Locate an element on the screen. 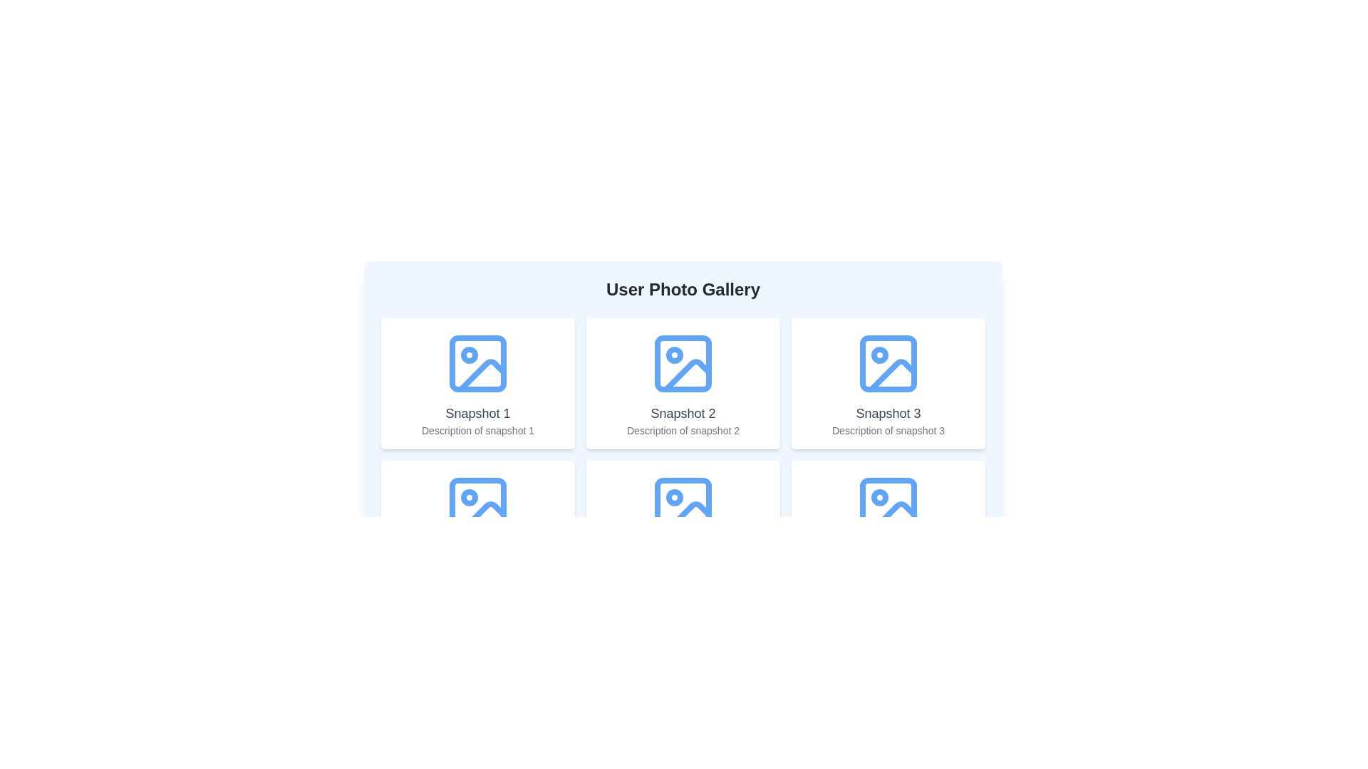 The height and width of the screenshot is (769, 1368). the second text label that identifies the second snapshot, positioned beneath the image icon of Snapshot 2 is located at coordinates (683, 414).